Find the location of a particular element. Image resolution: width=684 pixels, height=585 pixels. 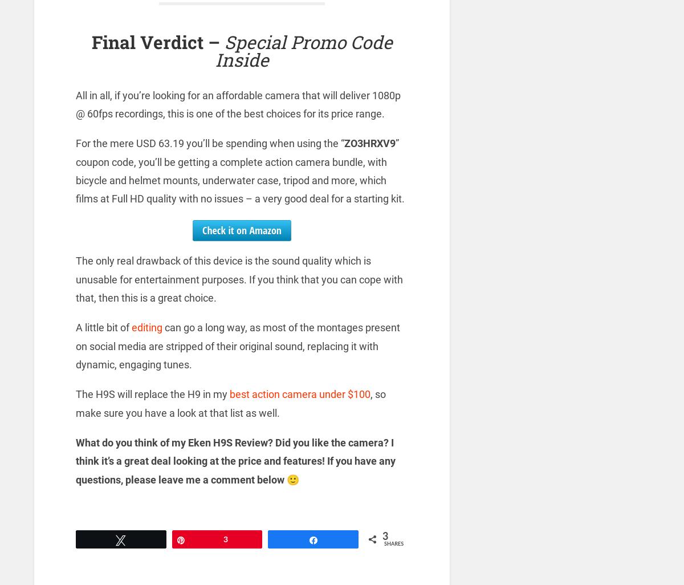

', so make sure you have a look at that list as well.' is located at coordinates (230, 403).